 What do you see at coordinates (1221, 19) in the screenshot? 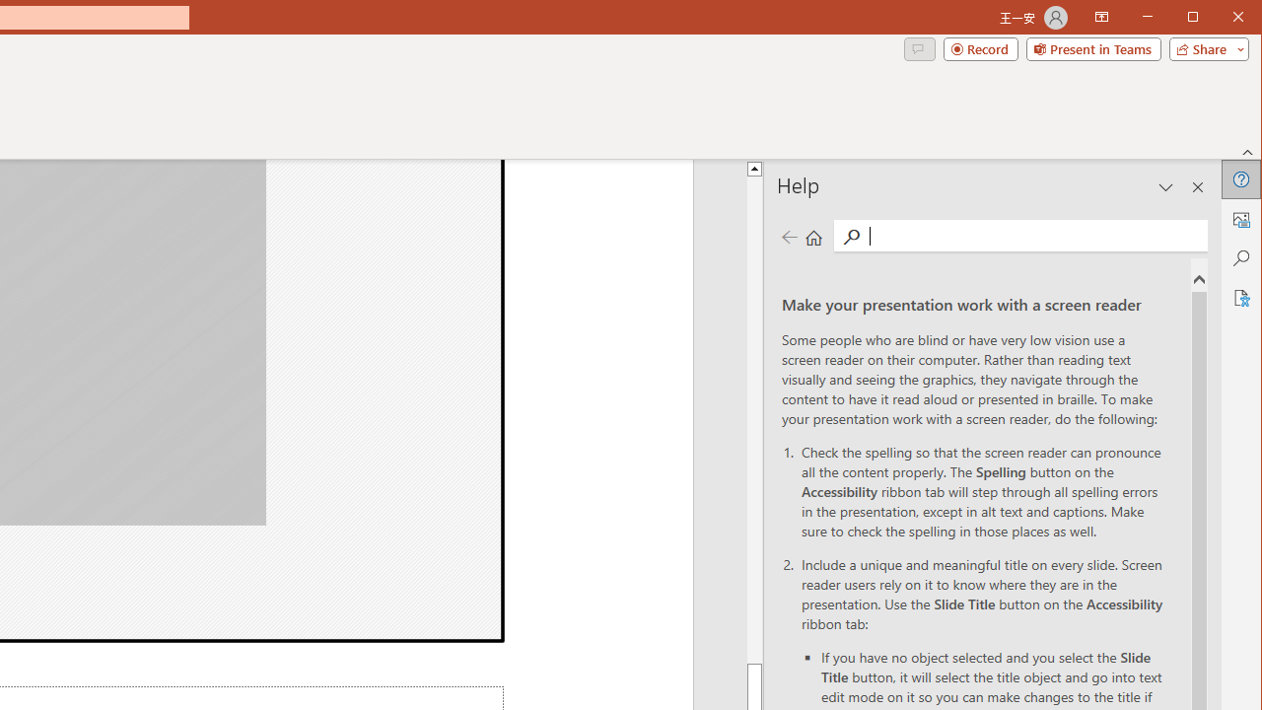
I see `'Maximize'` at bounding box center [1221, 19].